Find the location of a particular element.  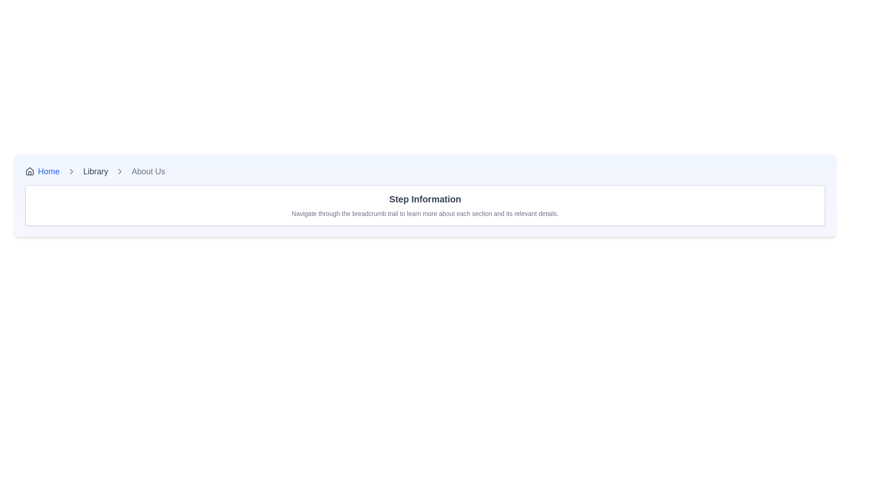

the house-shaped SVG icon located at the leftmost part of the breadcrumb navigation section by clicking on it is located at coordinates (30, 171).